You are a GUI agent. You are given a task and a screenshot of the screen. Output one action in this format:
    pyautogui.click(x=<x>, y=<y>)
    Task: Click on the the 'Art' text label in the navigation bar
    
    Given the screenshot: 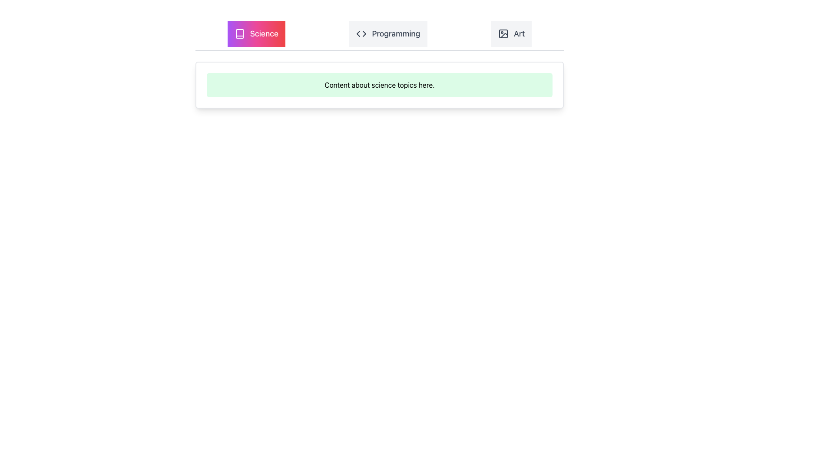 What is the action you would take?
    pyautogui.click(x=519, y=33)
    